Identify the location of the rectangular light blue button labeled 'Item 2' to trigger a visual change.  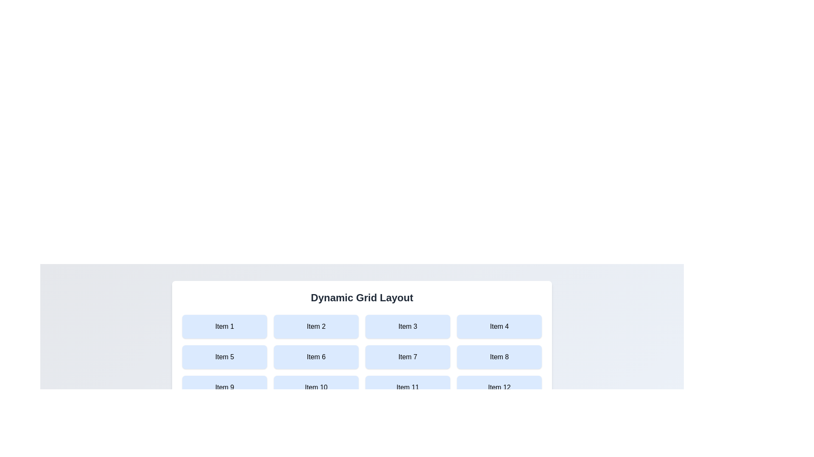
(315, 326).